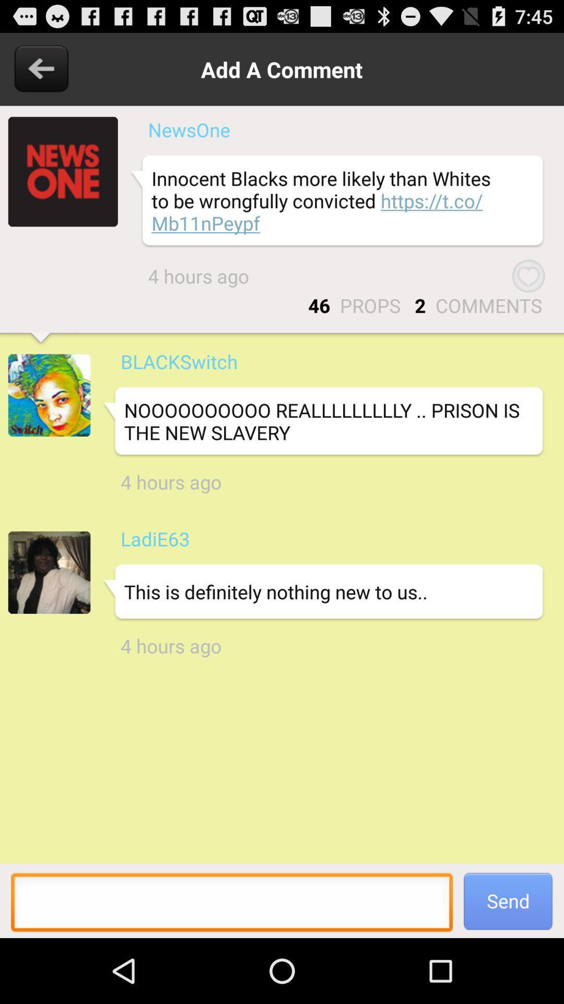 This screenshot has height=1004, width=564. Describe the element at coordinates (322, 421) in the screenshot. I see `the noooooooooo reallllllllly prison icon` at that location.